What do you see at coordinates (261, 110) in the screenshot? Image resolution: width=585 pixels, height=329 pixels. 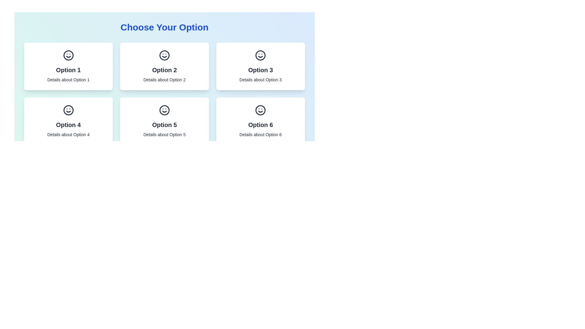 I see `the smiley face icon located at the top center of the card labeled 'Option 6', which is positioned in the bottom-right part of the grid` at bounding box center [261, 110].